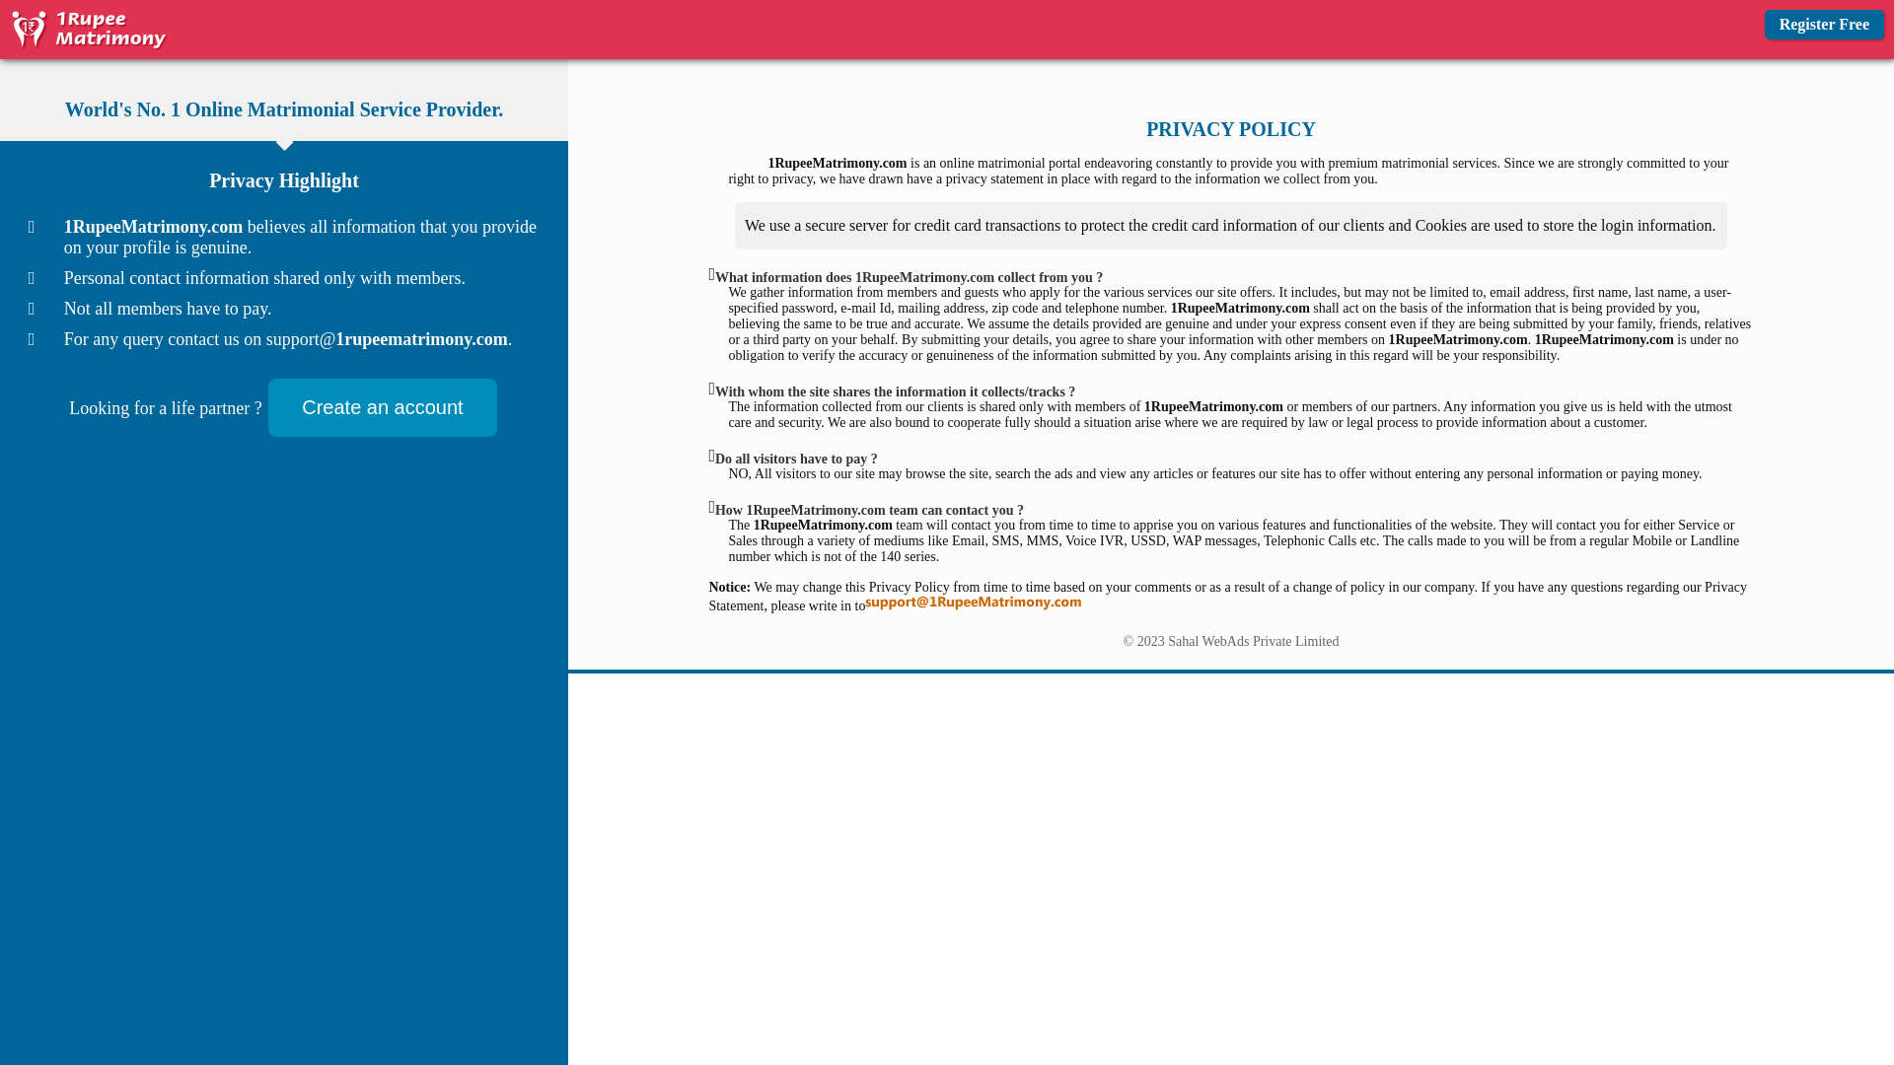 The height and width of the screenshot is (1065, 1894). What do you see at coordinates (380, 406) in the screenshot?
I see `'Create an account'` at bounding box center [380, 406].